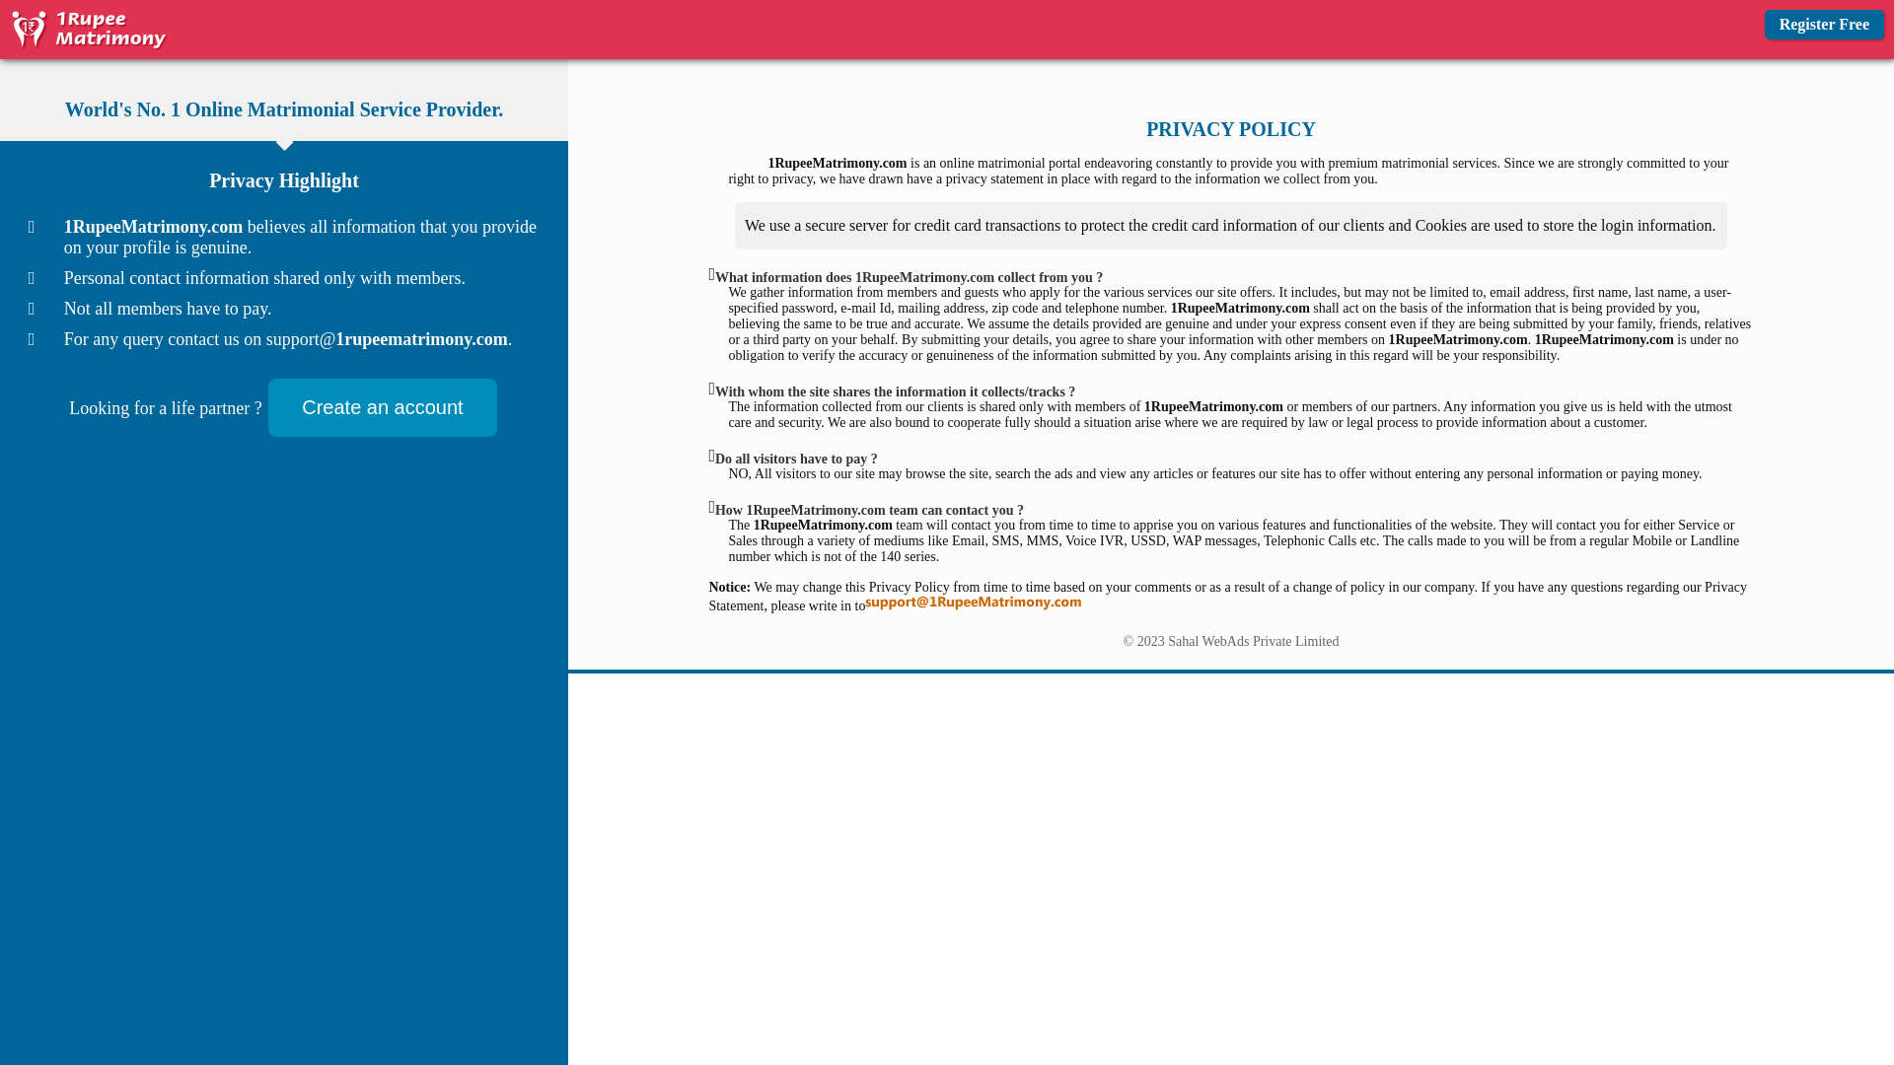 The height and width of the screenshot is (1065, 1894). What do you see at coordinates (380, 406) in the screenshot?
I see `'Create an account'` at bounding box center [380, 406].